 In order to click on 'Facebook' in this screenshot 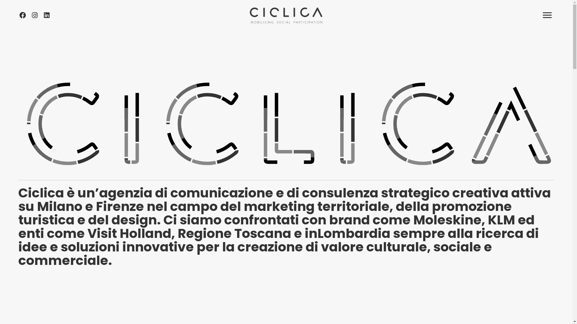, I will do `click(23, 15)`.